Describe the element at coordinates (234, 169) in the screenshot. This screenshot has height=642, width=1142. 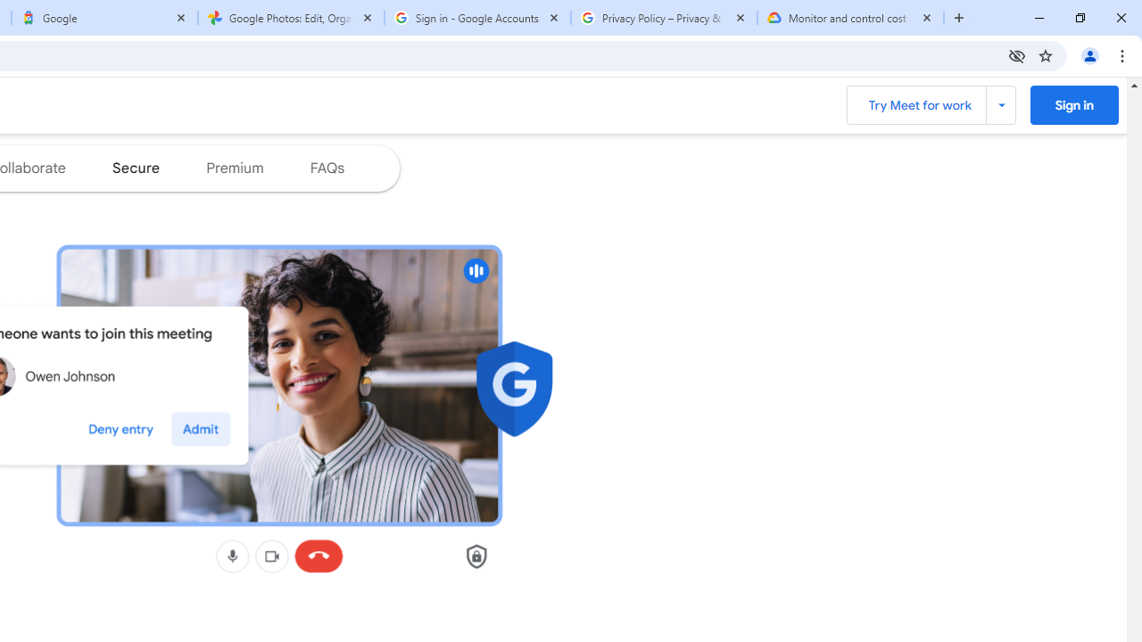
I see `'Jump to the premium section of the page'` at that location.